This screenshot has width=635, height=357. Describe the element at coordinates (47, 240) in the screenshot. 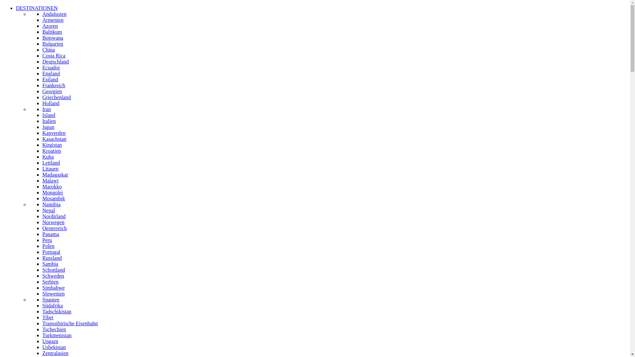

I see `'Peru'` at that location.